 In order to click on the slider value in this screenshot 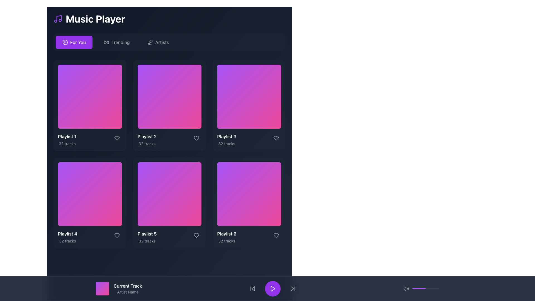, I will do `click(416, 288)`.